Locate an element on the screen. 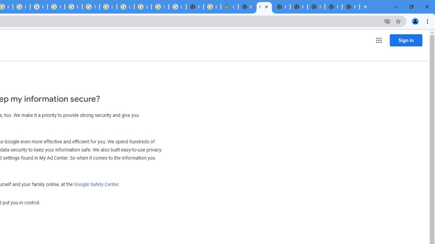 The height and width of the screenshot is (244, 435). 'Privacy Help Center - Policies Help' is located at coordinates (22, 7).